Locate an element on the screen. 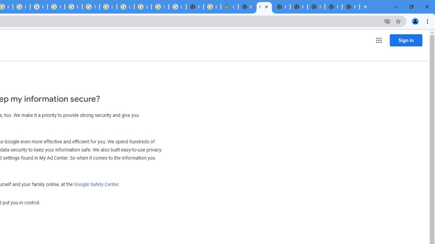 The height and width of the screenshot is (244, 435). 'Privacy Help Center - Policies Help' is located at coordinates (22, 7).